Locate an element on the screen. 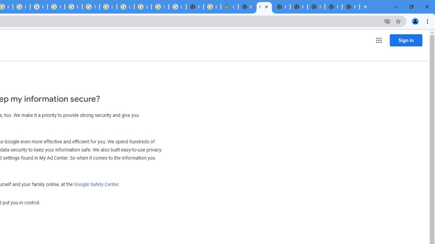 The height and width of the screenshot is (244, 435). 'Privacy Help Center - Policies Help' is located at coordinates (22, 7).